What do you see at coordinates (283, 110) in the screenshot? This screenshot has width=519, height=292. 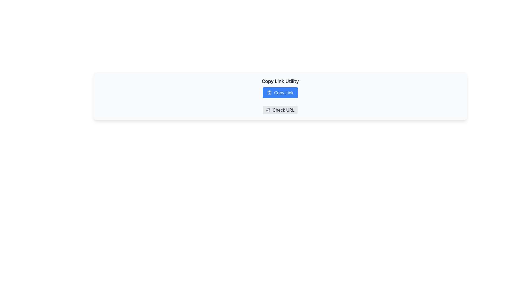 I see `the text label indicating the action of checking a URL, which is located to the right of an adjacent icon and below the 'Copy Link' button` at bounding box center [283, 110].